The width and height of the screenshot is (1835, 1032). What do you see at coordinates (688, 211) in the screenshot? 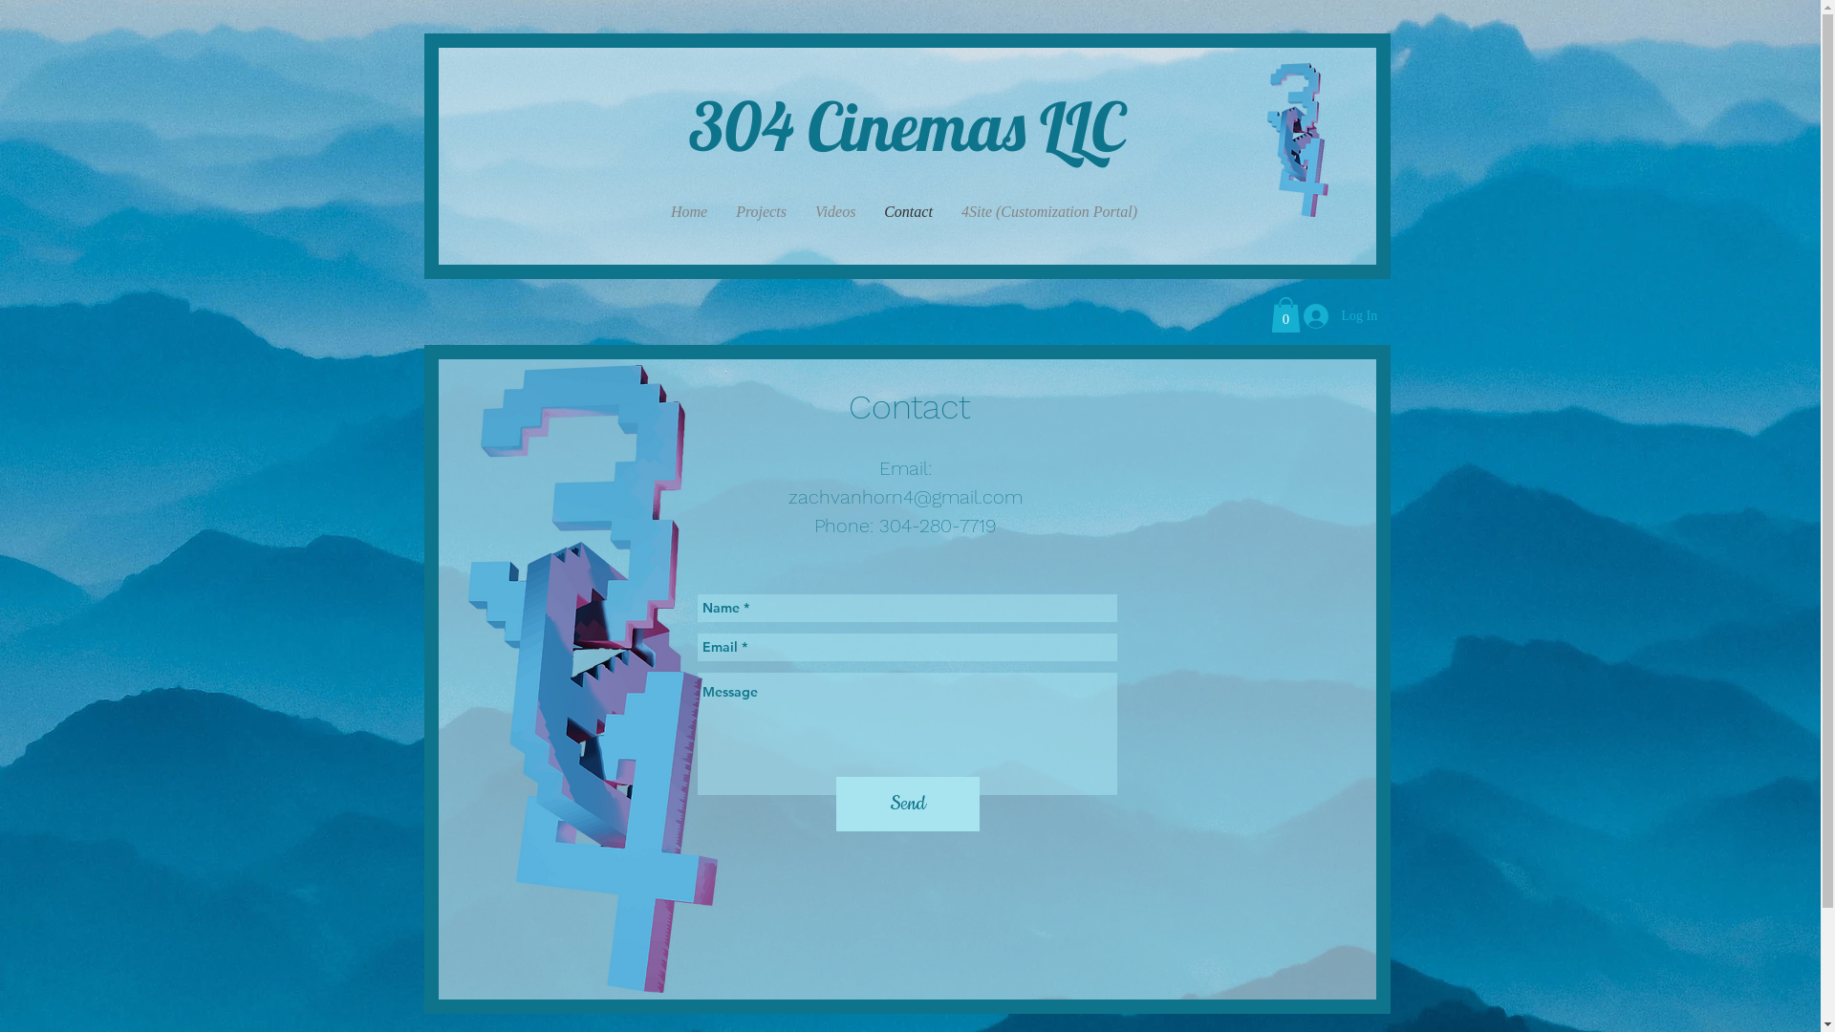
I see `'Home'` at bounding box center [688, 211].